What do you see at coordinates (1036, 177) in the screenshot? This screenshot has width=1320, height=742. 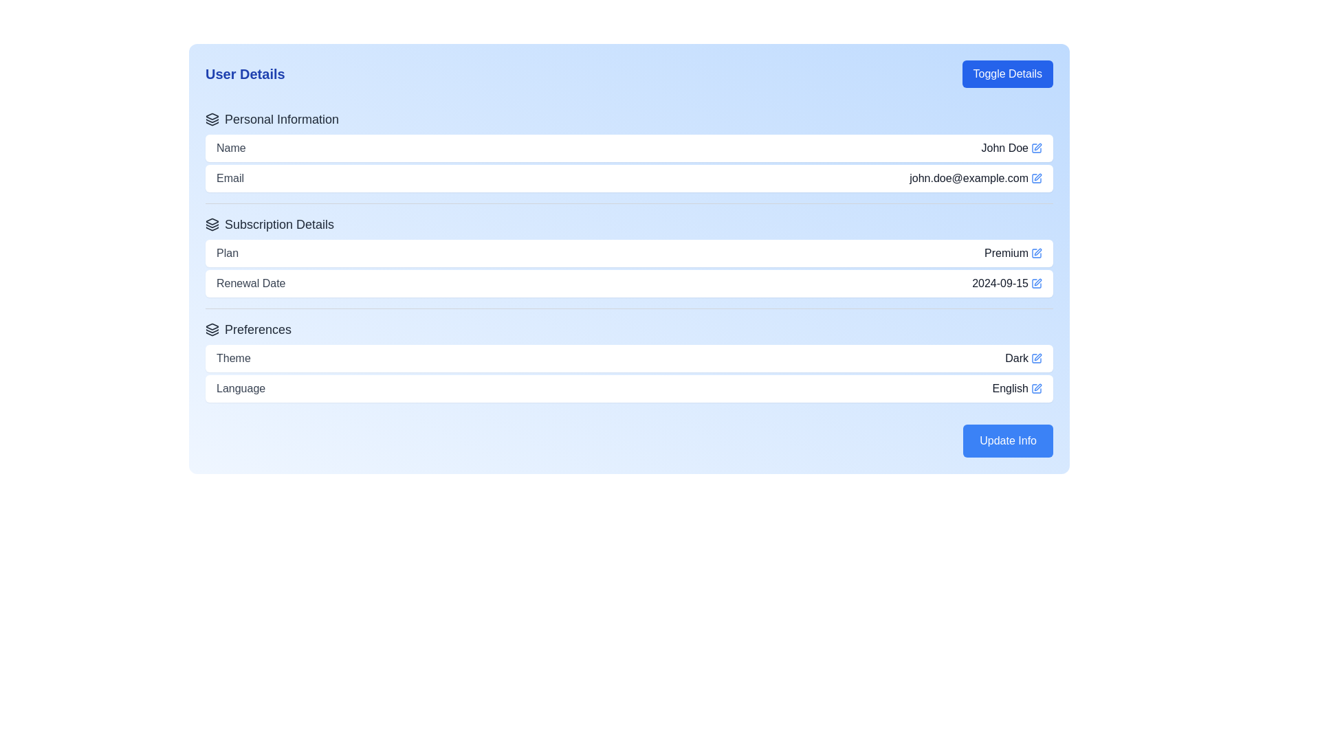 I see `the icon-based button located to the right of the email address 'john.doe@example.com' to initiate editing` at bounding box center [1036, 177].